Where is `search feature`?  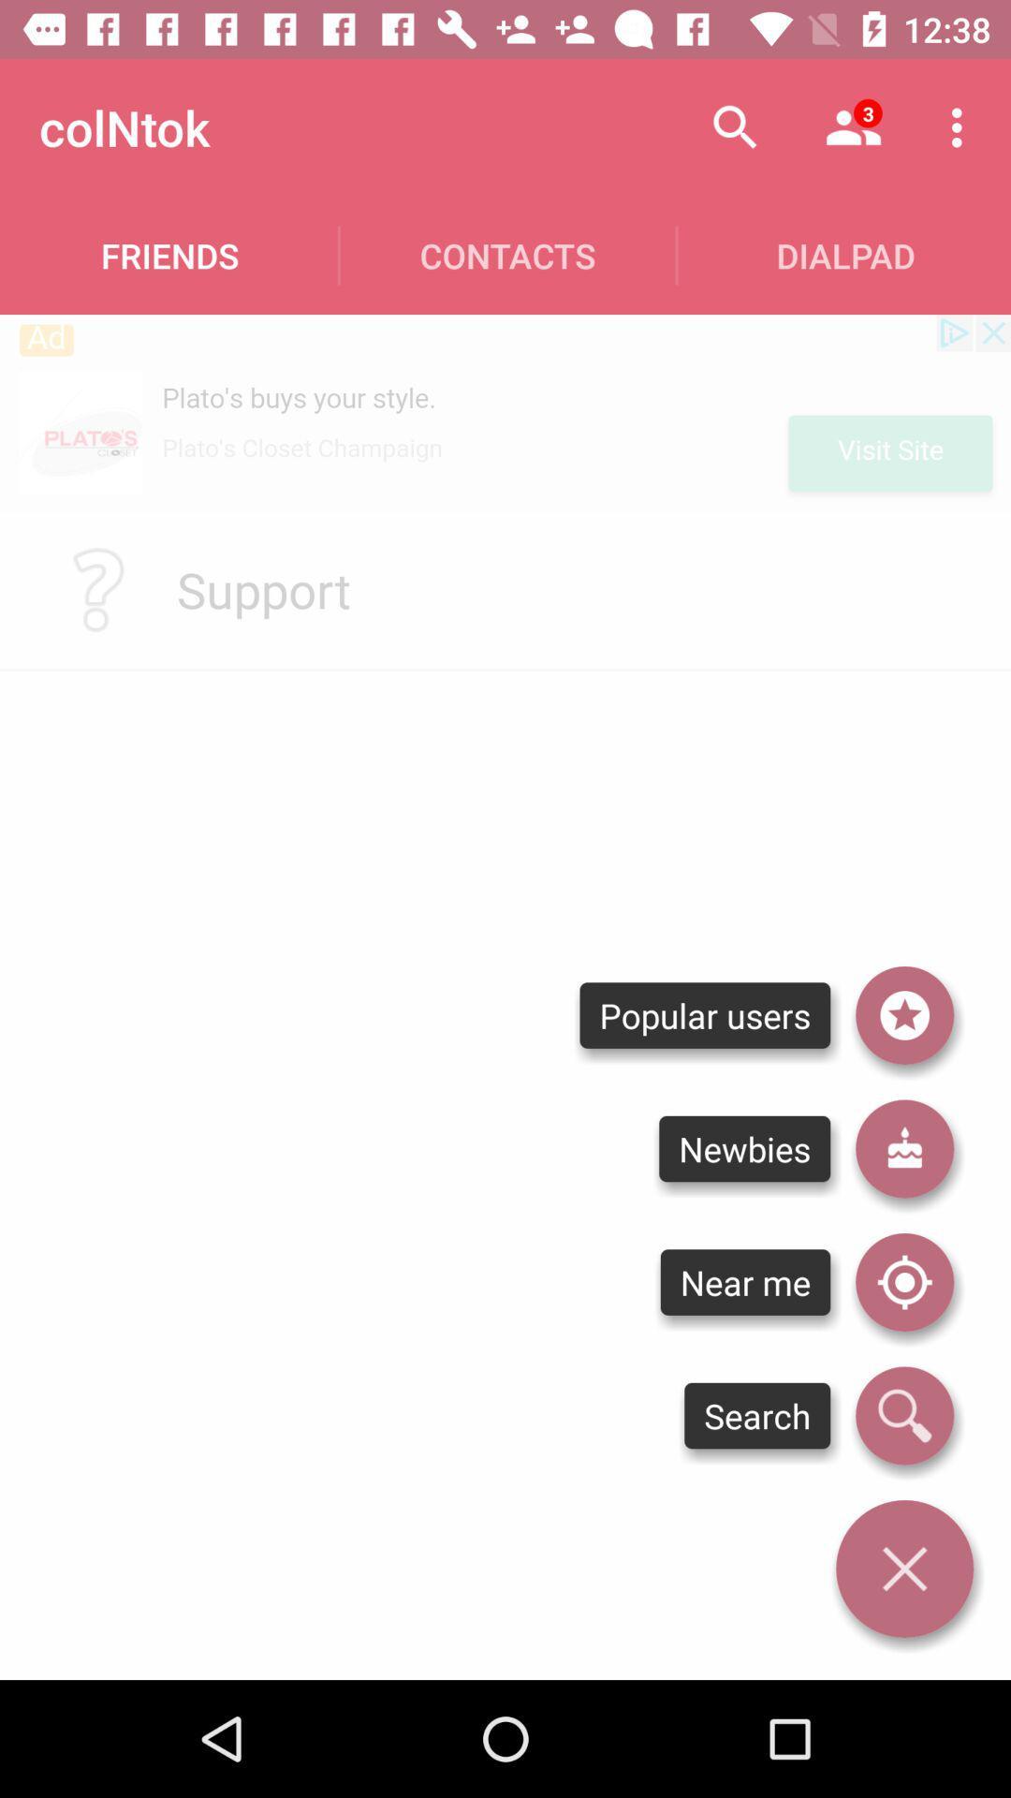
search feature is located at coordinates (903, 1416).